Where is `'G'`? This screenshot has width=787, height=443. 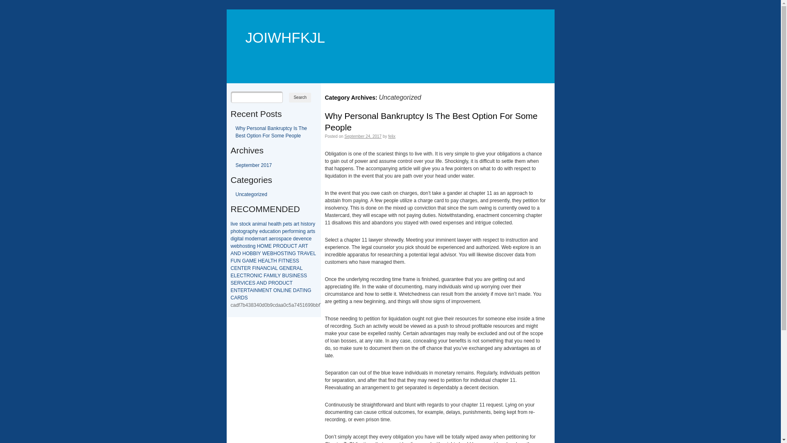 'G' is located at coordinates (243, 261).